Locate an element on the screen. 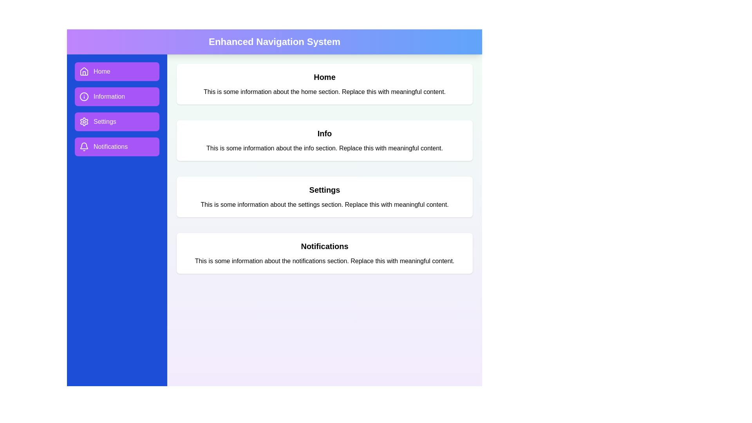 The height and width of the screenshot is (423, 752). the circular icon with a thick outline and a vertical bar, located to the left of the 'Information' text in the navigation menu is located at coordinates (84, 96).